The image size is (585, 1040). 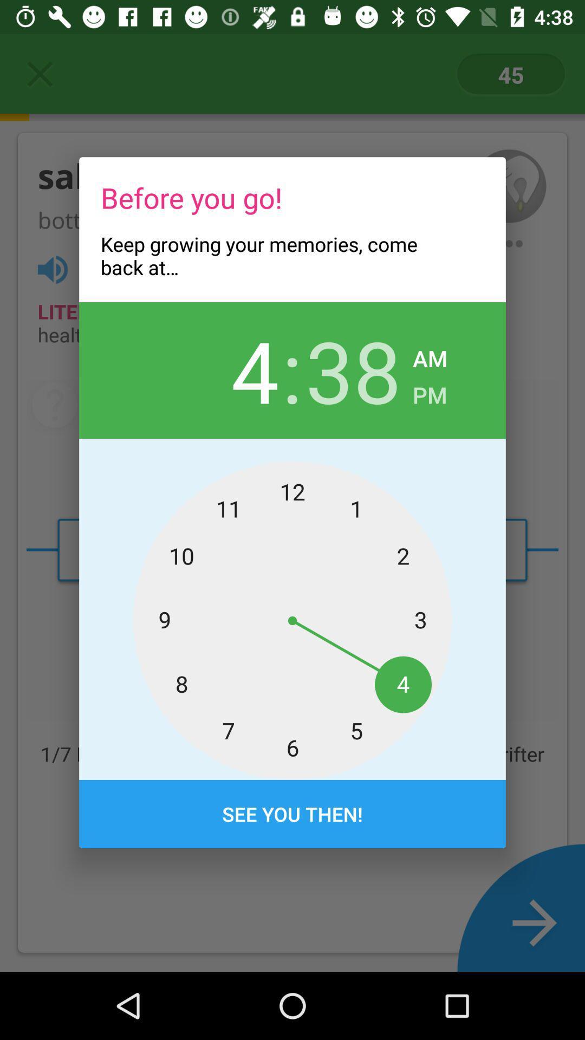 I want to click on the item below the keep growing your item, so click(x=353, y=370).